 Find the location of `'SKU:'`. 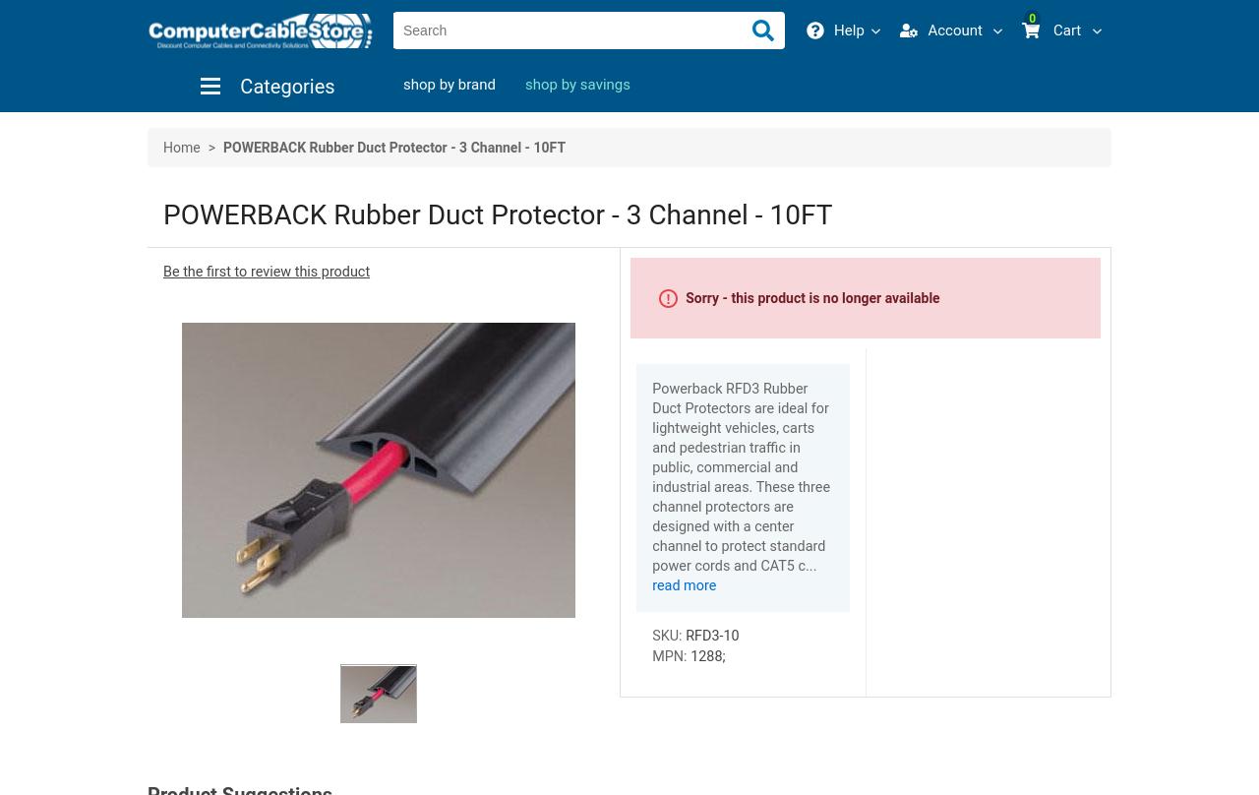

'SKU:' is located at coordinates (667, 636).